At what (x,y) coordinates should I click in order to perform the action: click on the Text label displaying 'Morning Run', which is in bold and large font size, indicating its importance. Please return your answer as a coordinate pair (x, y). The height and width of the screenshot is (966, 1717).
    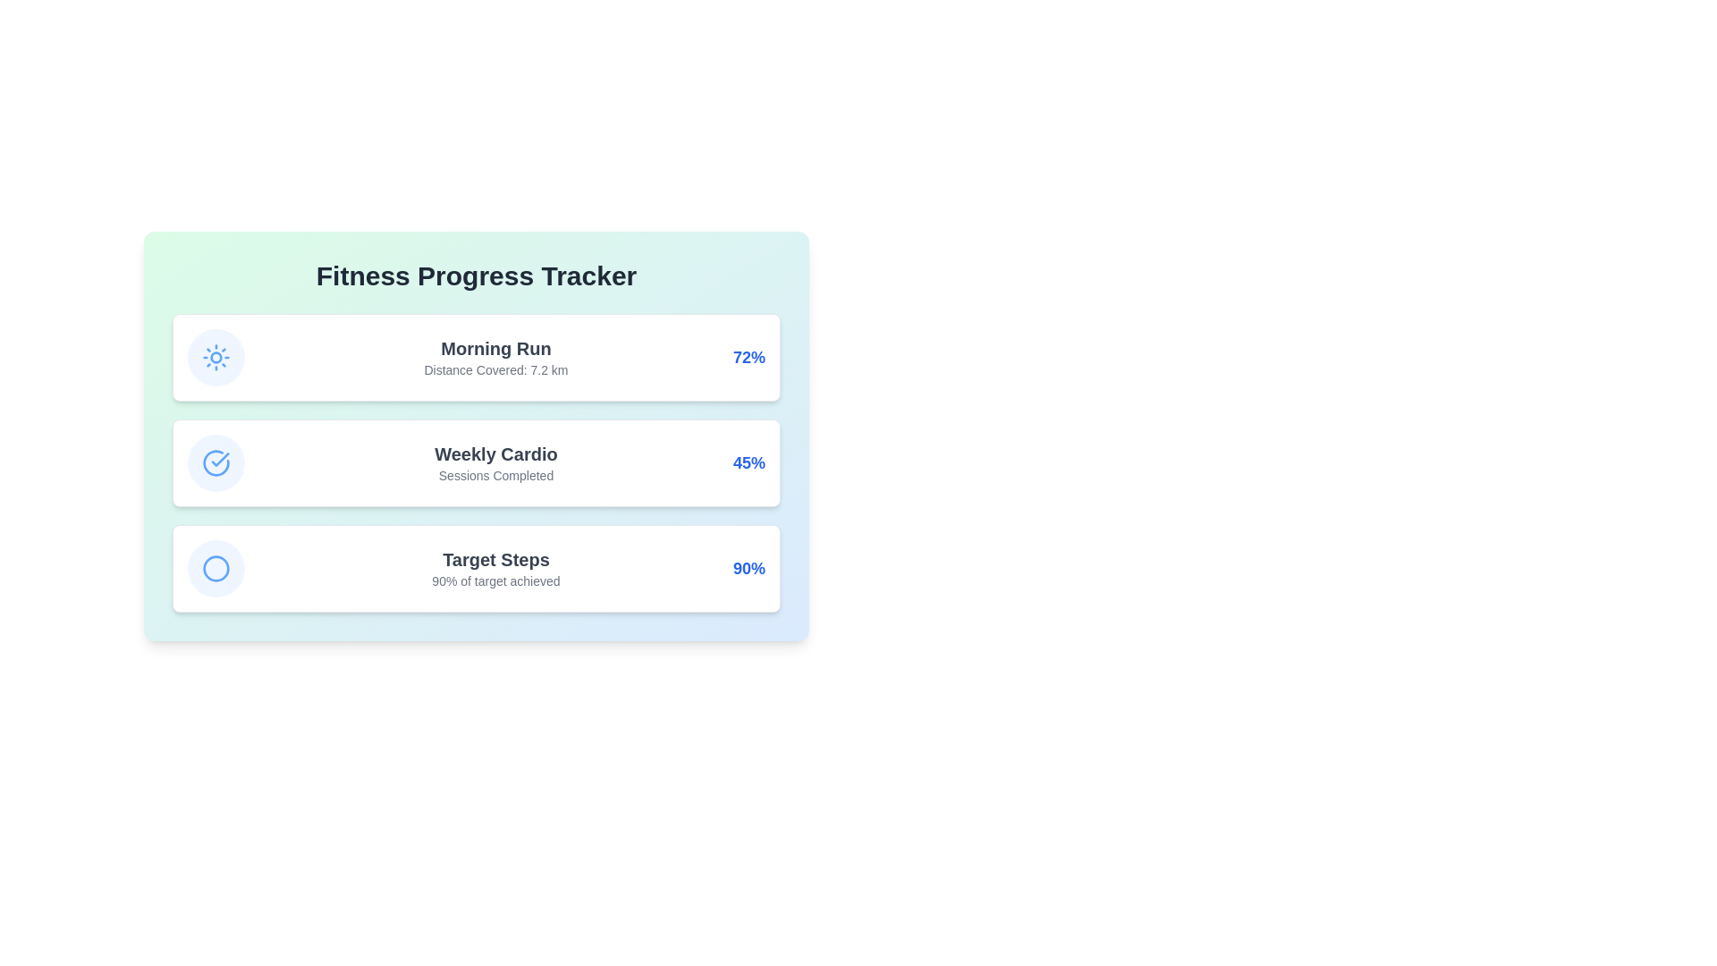
    Looking at the image, I should click on (496, 348).